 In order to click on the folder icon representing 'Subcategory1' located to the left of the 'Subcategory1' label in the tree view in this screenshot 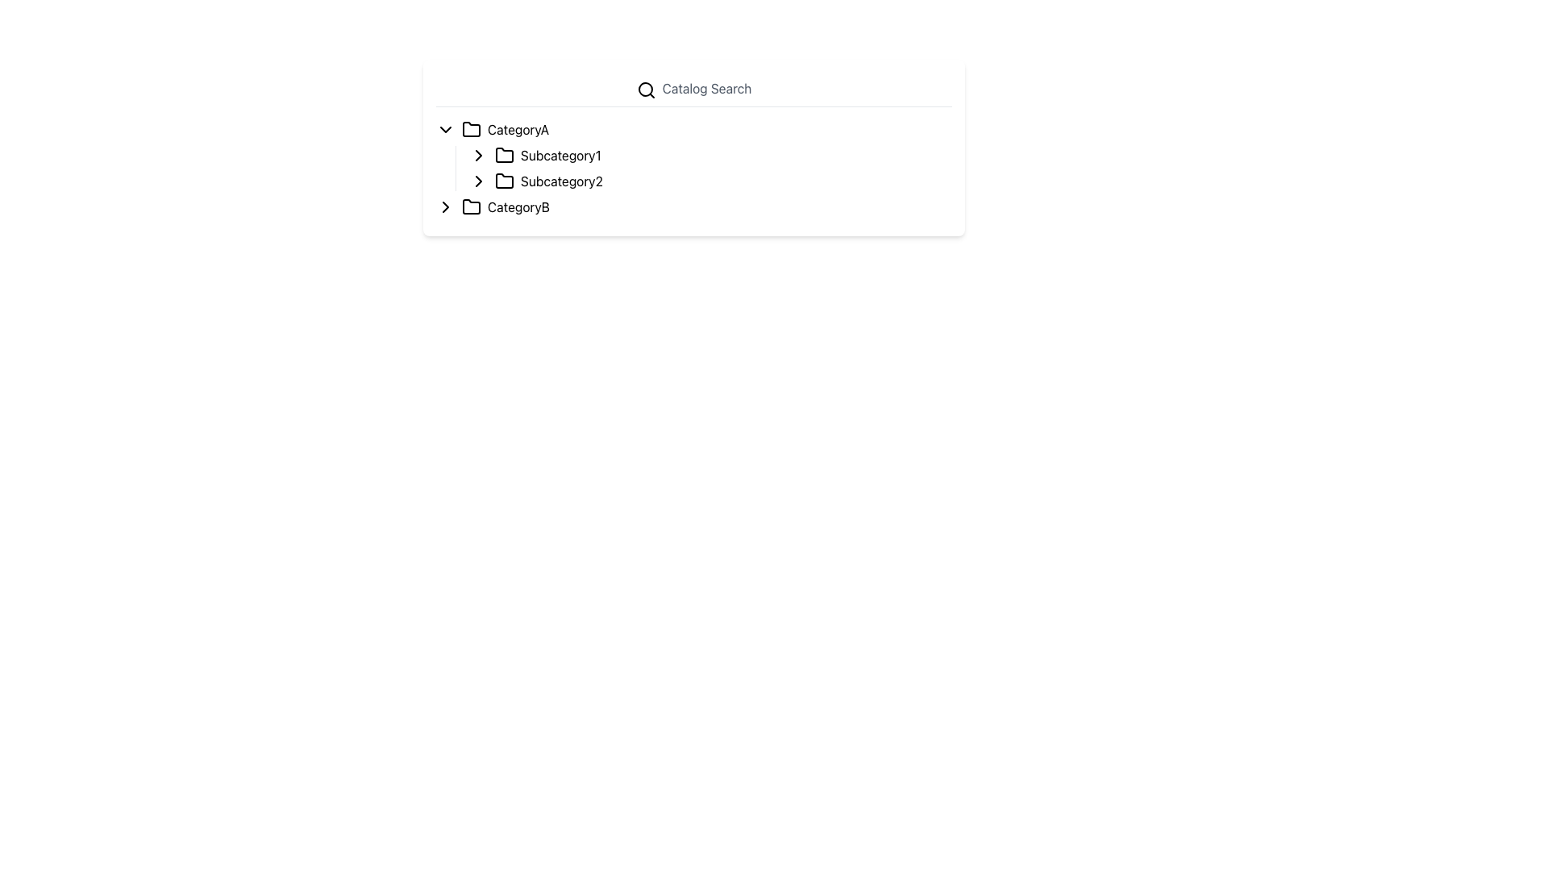, I will do `click(503, 155)`.